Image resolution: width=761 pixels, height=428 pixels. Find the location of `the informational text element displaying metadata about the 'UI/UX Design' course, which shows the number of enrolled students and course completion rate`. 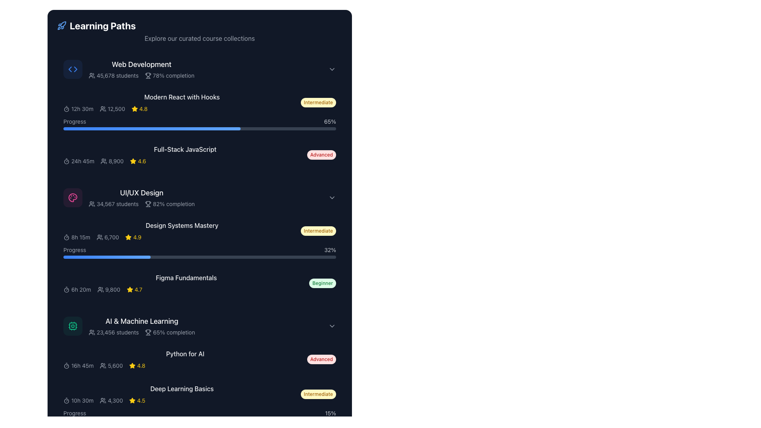

the informational text element displaying metadata about the 'UI/UX Design' course, which shows the number of enrolled students and course completion rate is located at coordinates (141, 204).